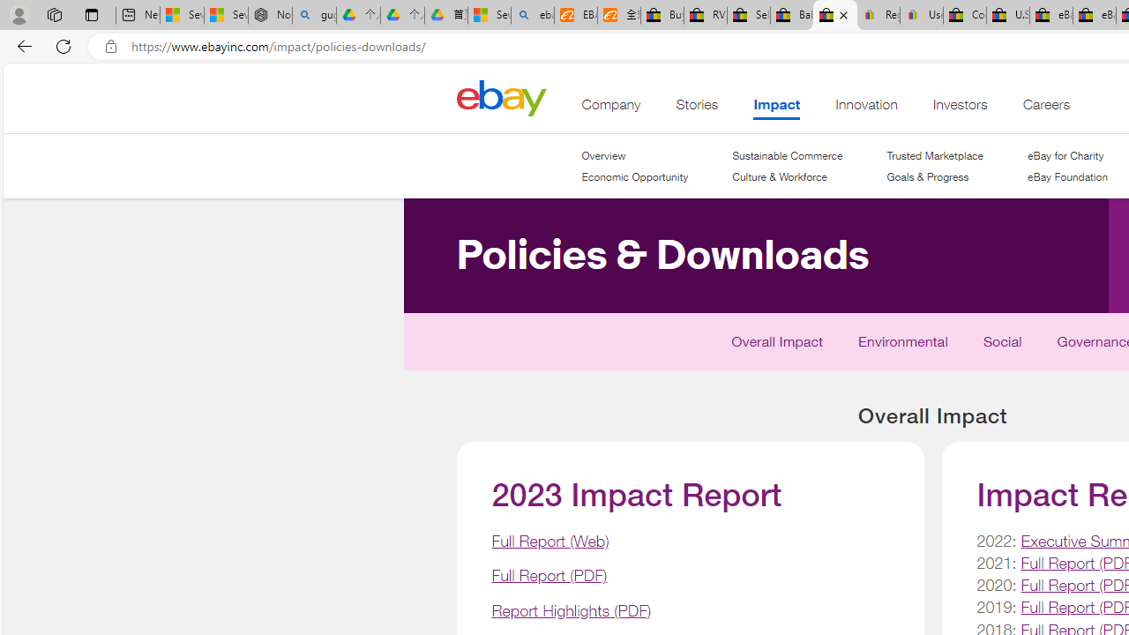  What do you see at coordinates (749, 15) in the screenshot?
I see `'Sell worldwide with eBay'` at bounding box center [749, 15].